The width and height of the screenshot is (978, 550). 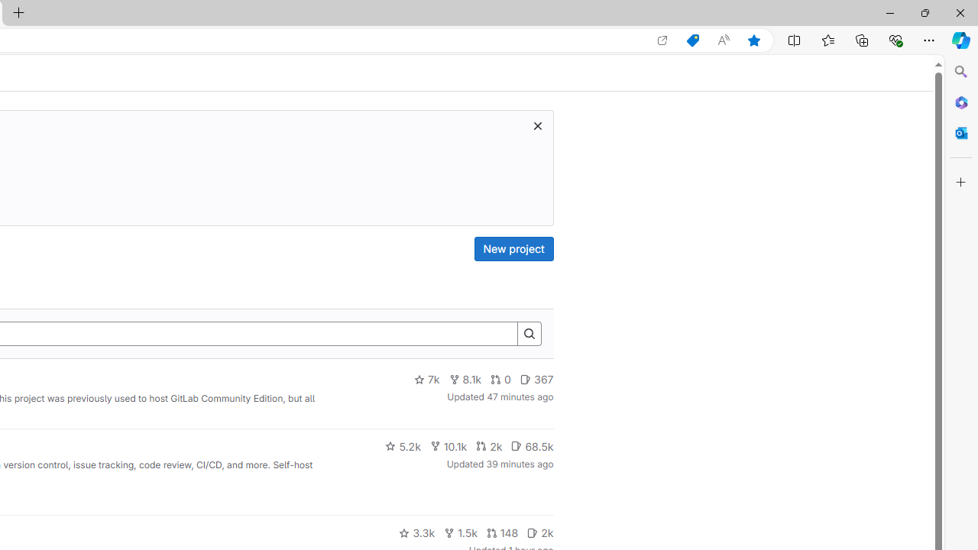 I want to click on 'Open in app', so click(x=662, y=40).